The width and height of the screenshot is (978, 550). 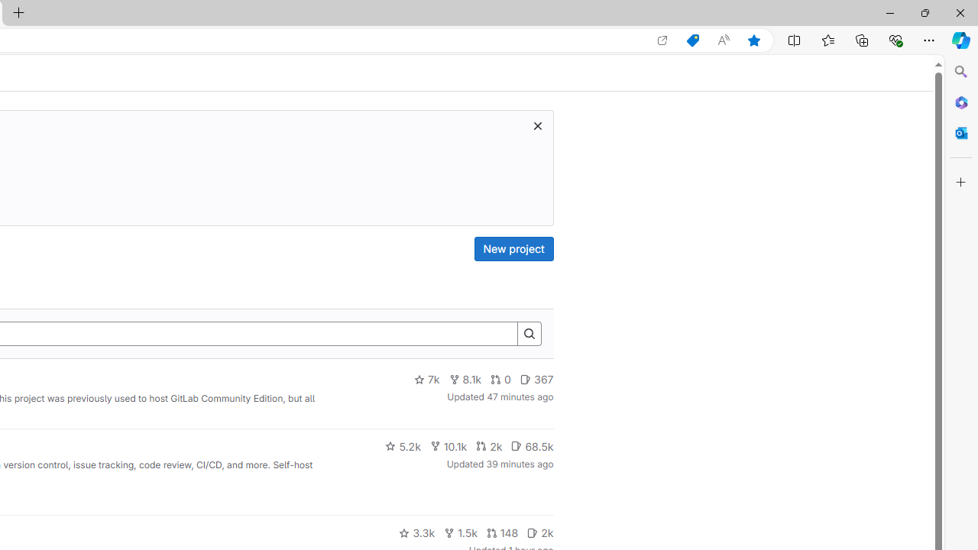 I want to click on 'Open in app', so click(x=662, y=40).